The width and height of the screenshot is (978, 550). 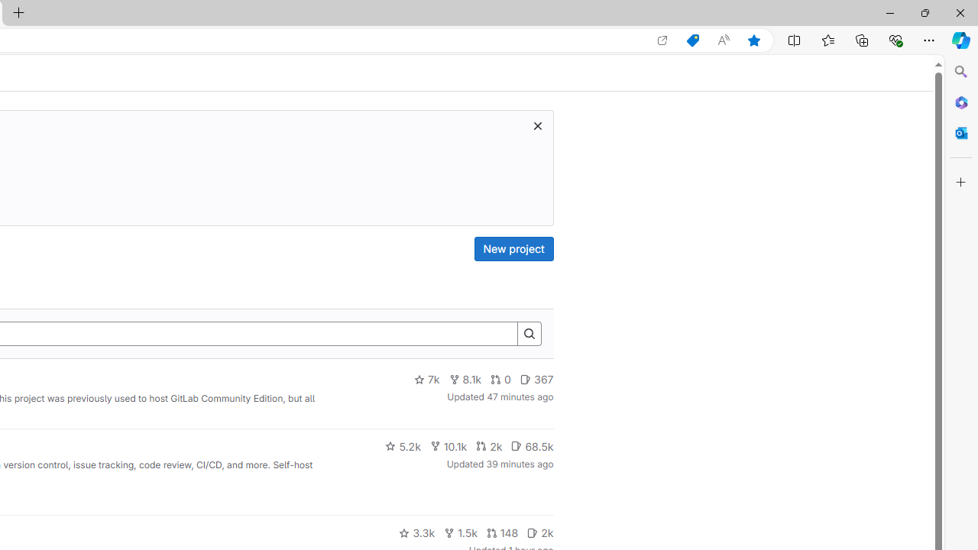 I want to click on 'Open in app', so click(x=662, y=40).